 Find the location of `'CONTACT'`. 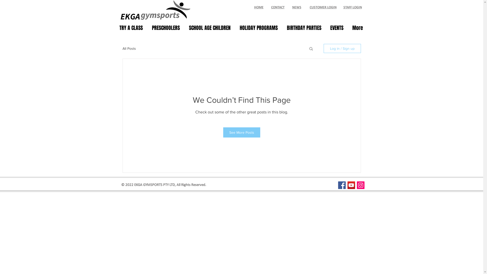

'CONTACT' is located at coordinates (277, 7).